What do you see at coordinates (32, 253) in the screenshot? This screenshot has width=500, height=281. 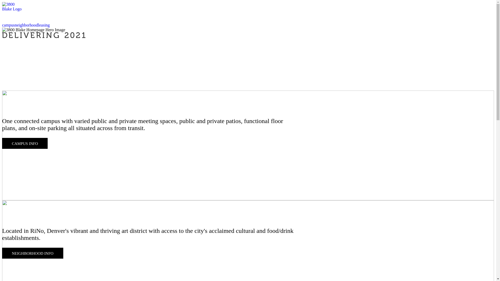 I see `'NEIGHBORHOOD INFO'` at bounding box center [32, 253].